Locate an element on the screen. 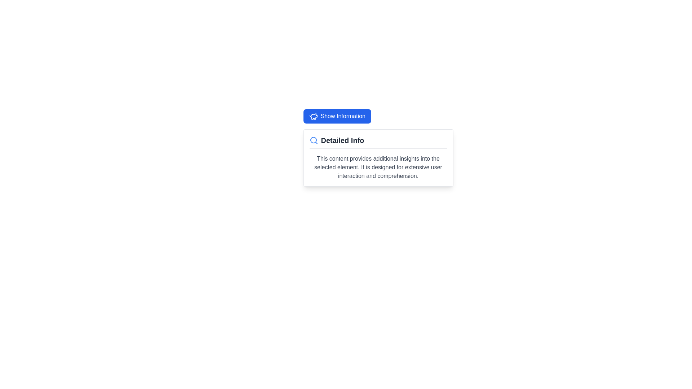 The image size is (692, 389). the 'Show Information' button is located at coordinates (337, 116).